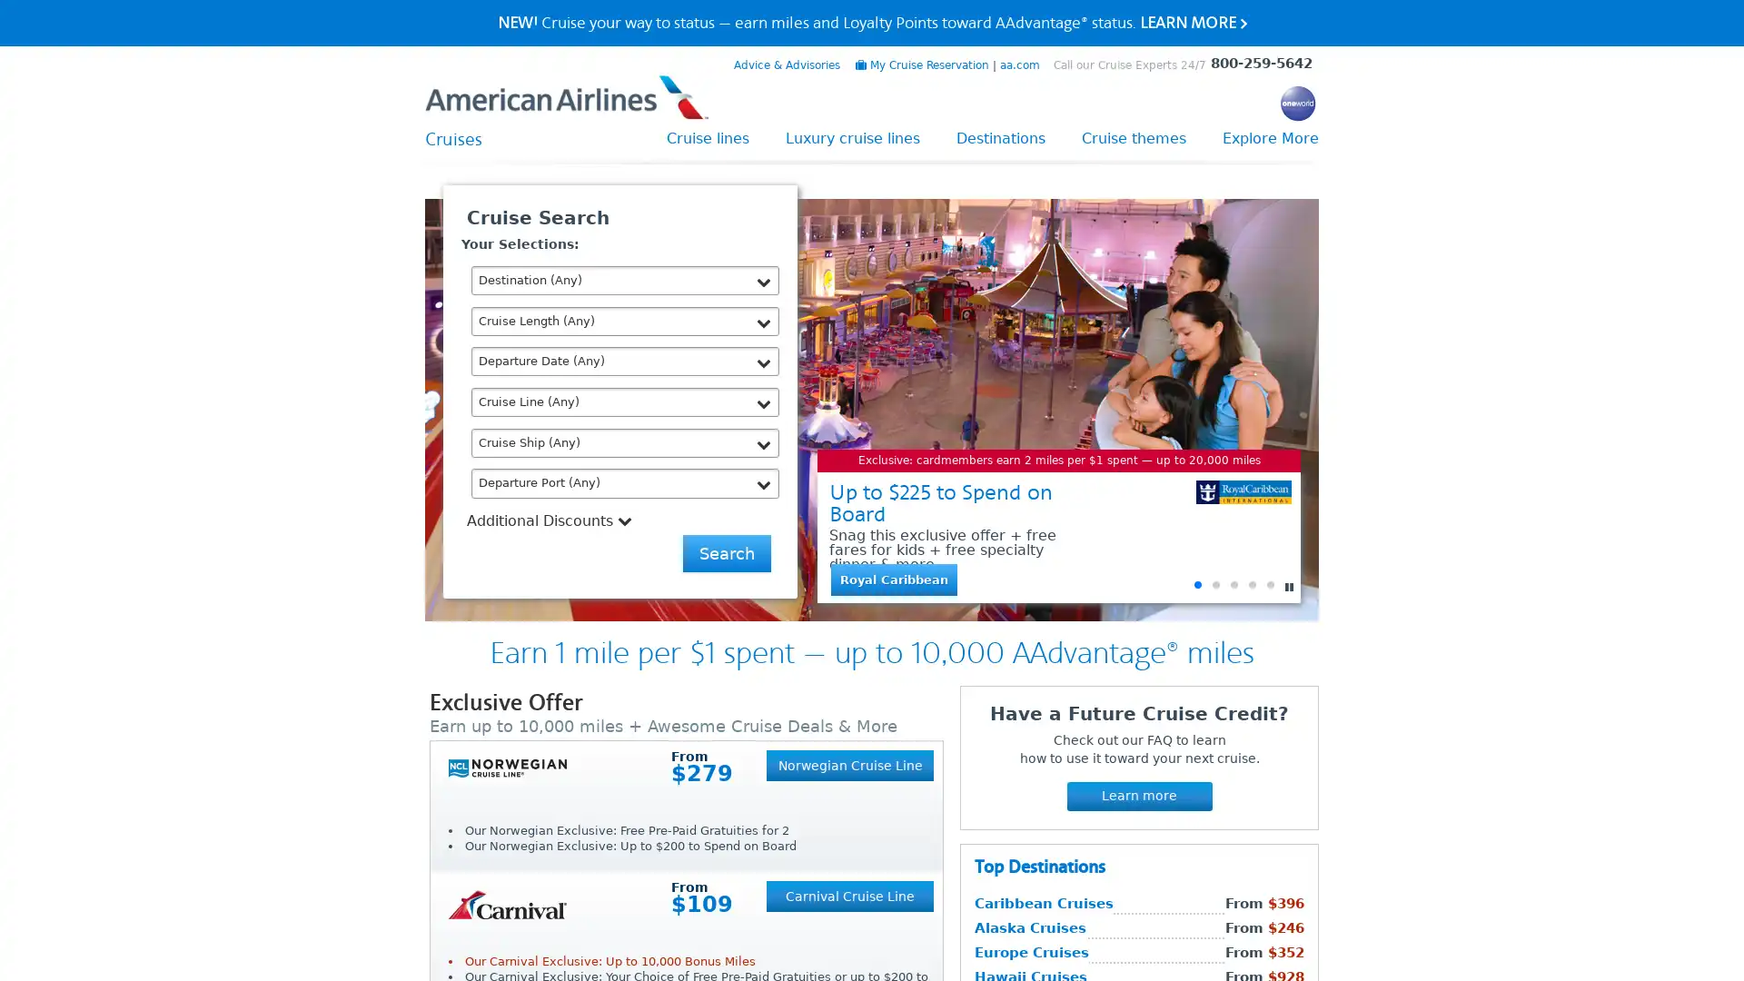  Describe the element at coordinates (1197, 585) in the screenshot. I see `Go to slide 1` at that location.